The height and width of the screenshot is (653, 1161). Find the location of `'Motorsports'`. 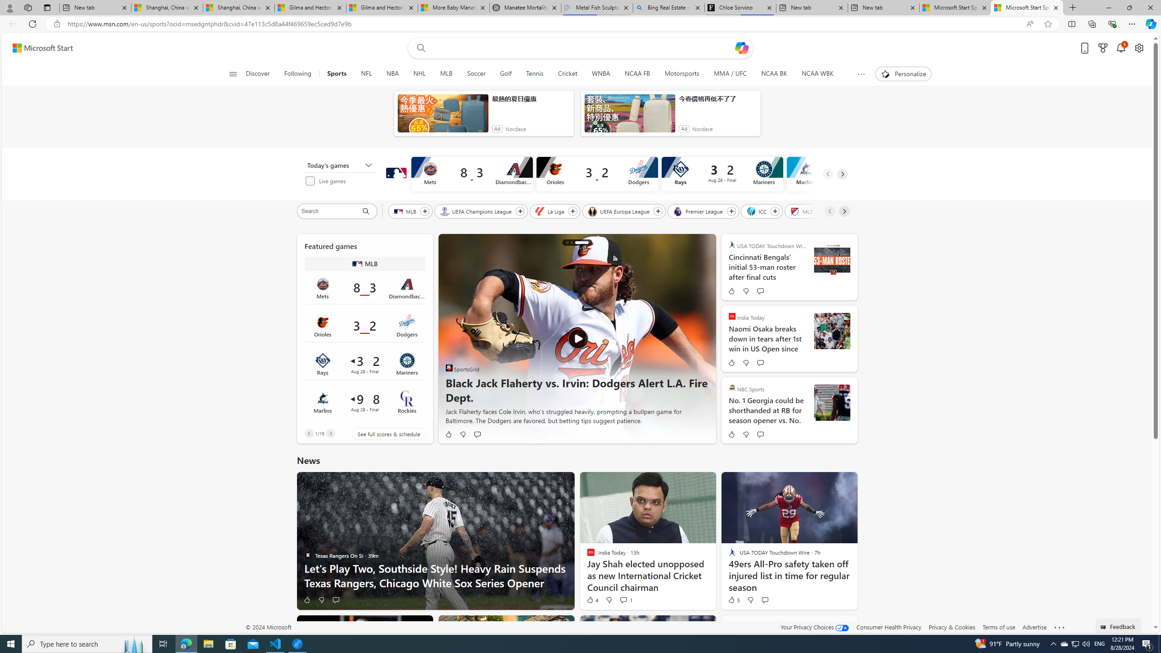

'Motorsports' is located at coordinates (682, 73).